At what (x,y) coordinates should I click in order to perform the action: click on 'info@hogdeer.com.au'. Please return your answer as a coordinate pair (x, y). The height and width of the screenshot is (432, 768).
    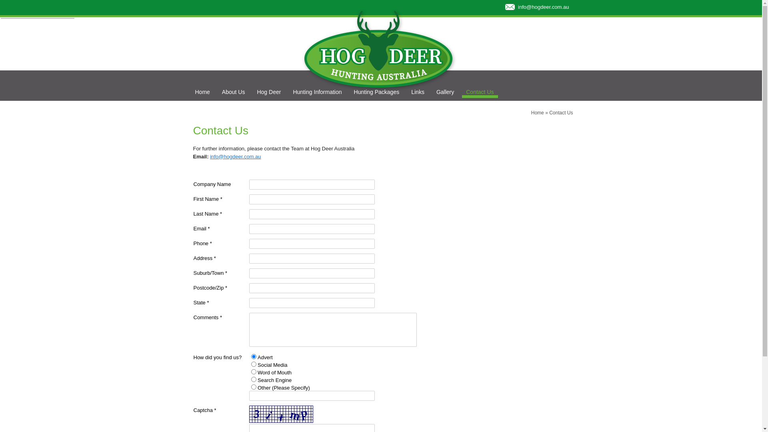
    Looking at the image, I should click on (543, 7).